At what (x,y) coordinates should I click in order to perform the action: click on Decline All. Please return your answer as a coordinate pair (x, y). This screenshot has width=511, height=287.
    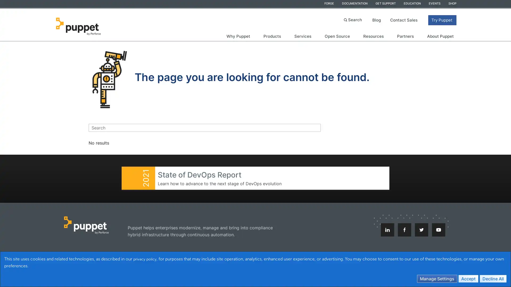
    Looking at the image, I should click on (493, 278).